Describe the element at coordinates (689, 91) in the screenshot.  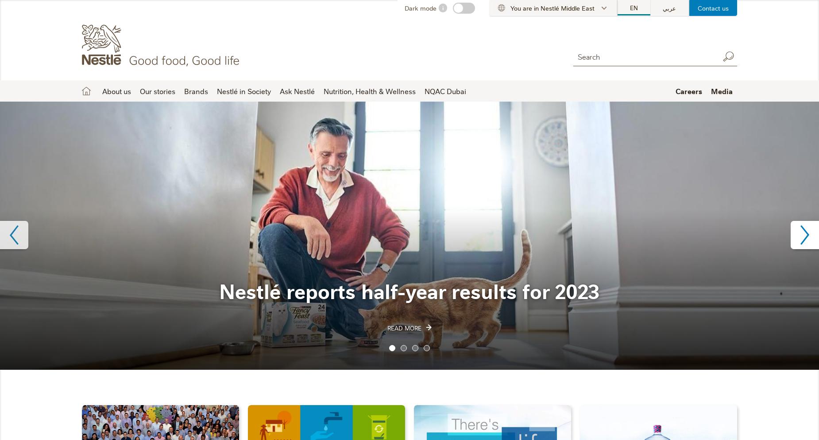
I see `'Careers'` at that location.